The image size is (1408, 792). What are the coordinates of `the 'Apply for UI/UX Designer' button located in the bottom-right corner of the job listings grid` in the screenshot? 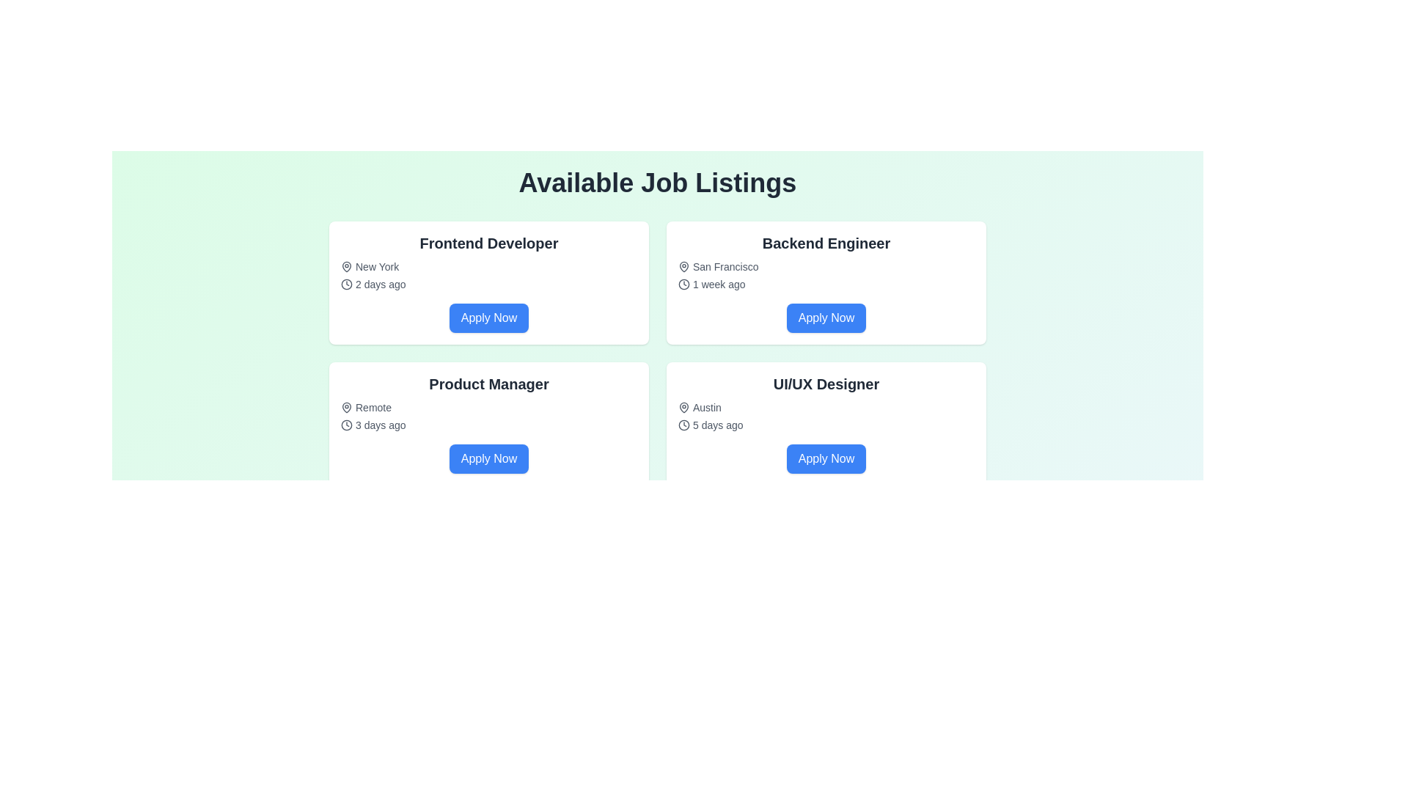 It's located at (826, 458).